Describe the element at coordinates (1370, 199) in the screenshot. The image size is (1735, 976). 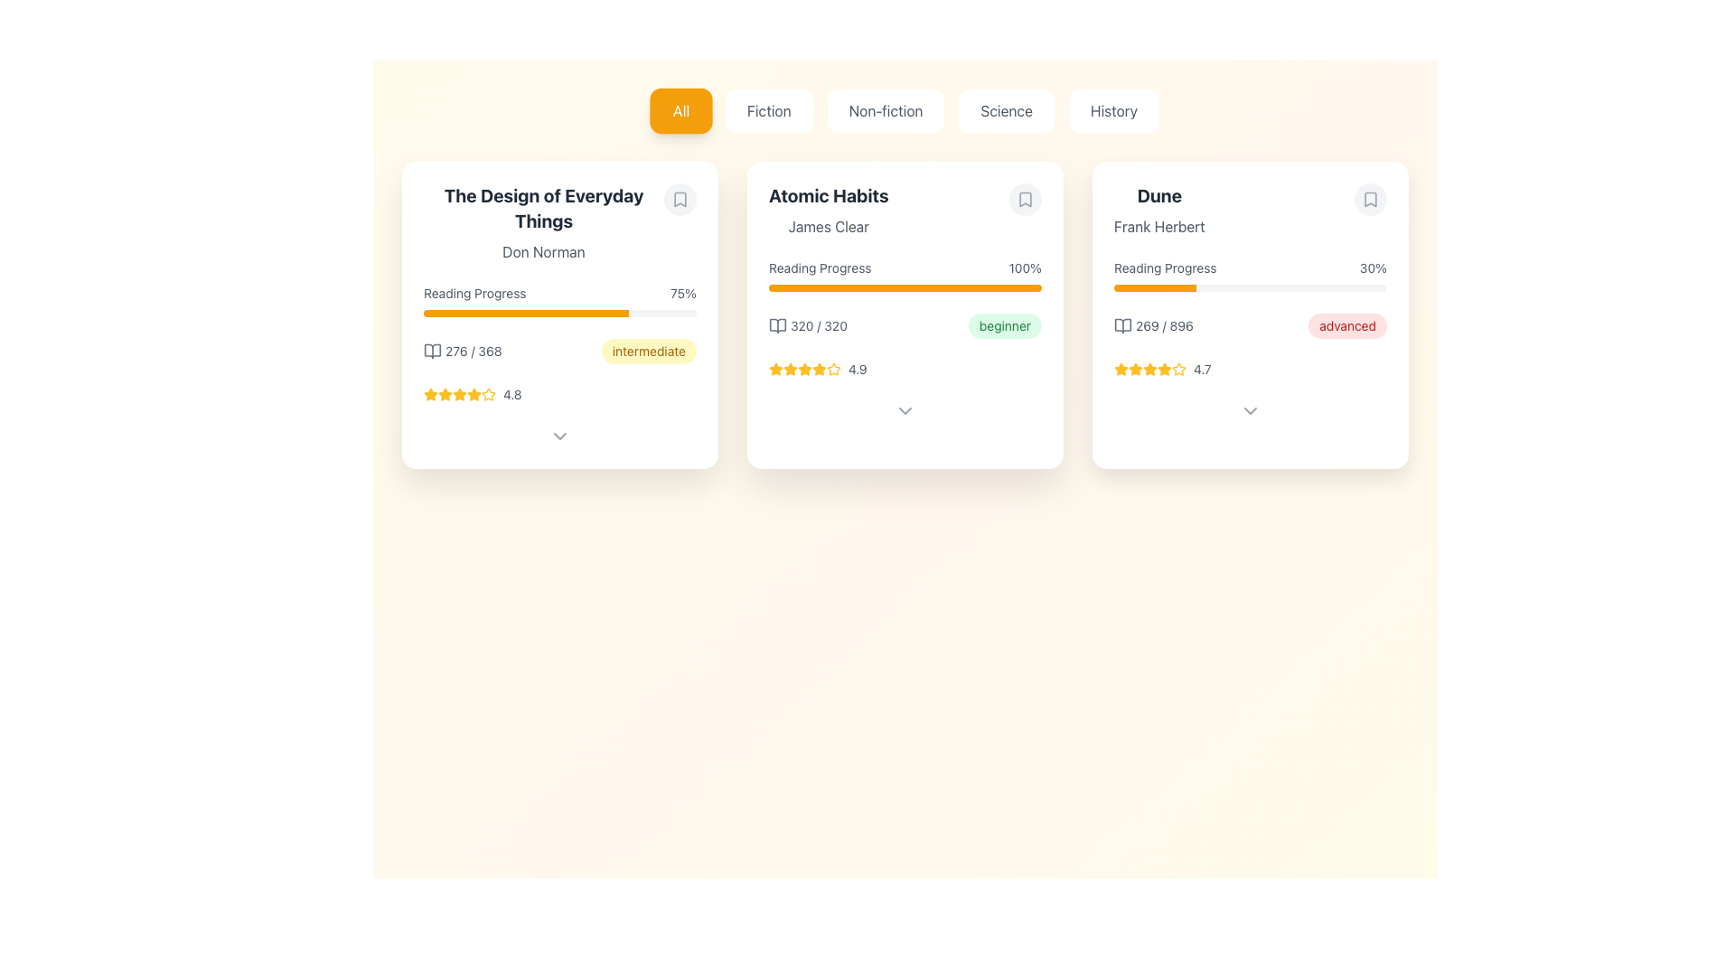
I see `the bookmark icon located in the top-right corner of the card displaying details for the book 'Dune', which is non-interactive in this context` at that location.